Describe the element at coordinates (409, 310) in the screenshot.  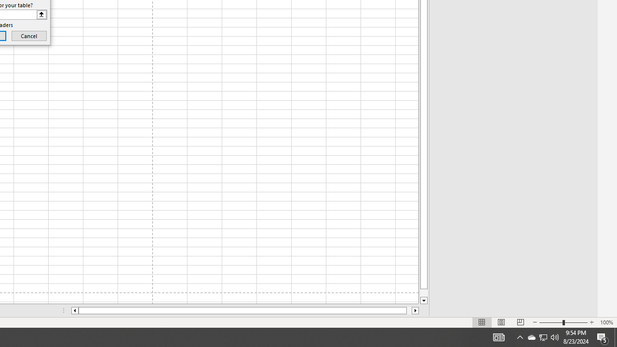
I see `'Page right'` at that location.